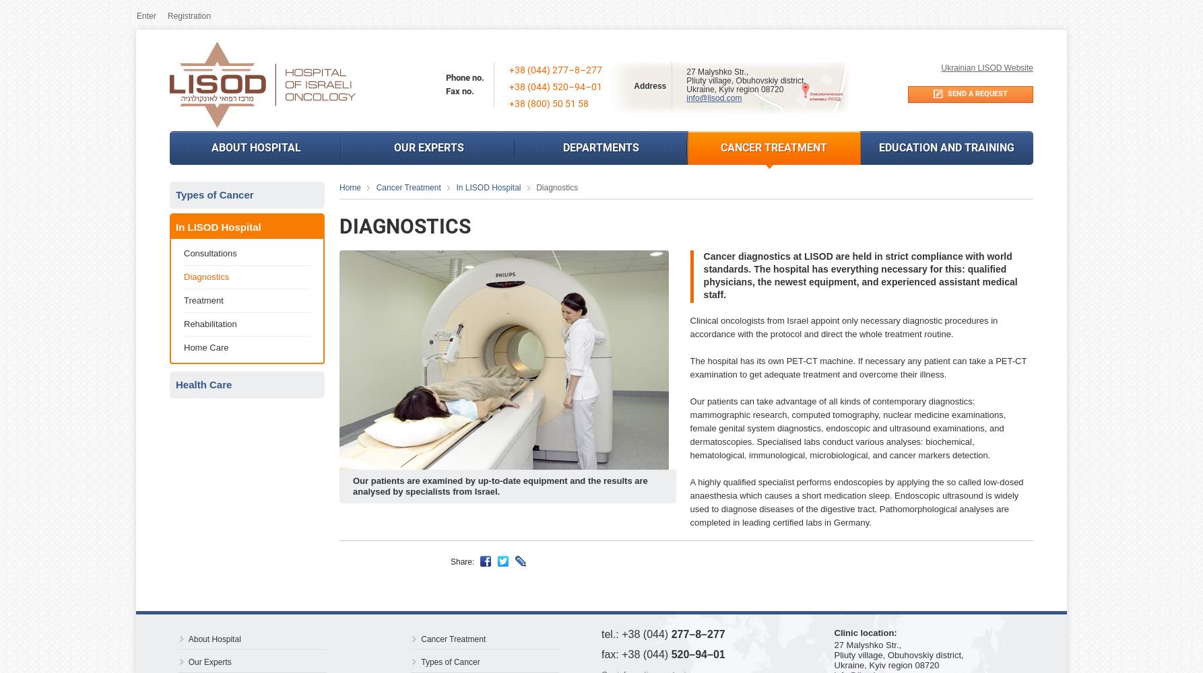 This screenshot has height=673, width=1203. I want to click on 'Rehabilitation', so click(210, 323).